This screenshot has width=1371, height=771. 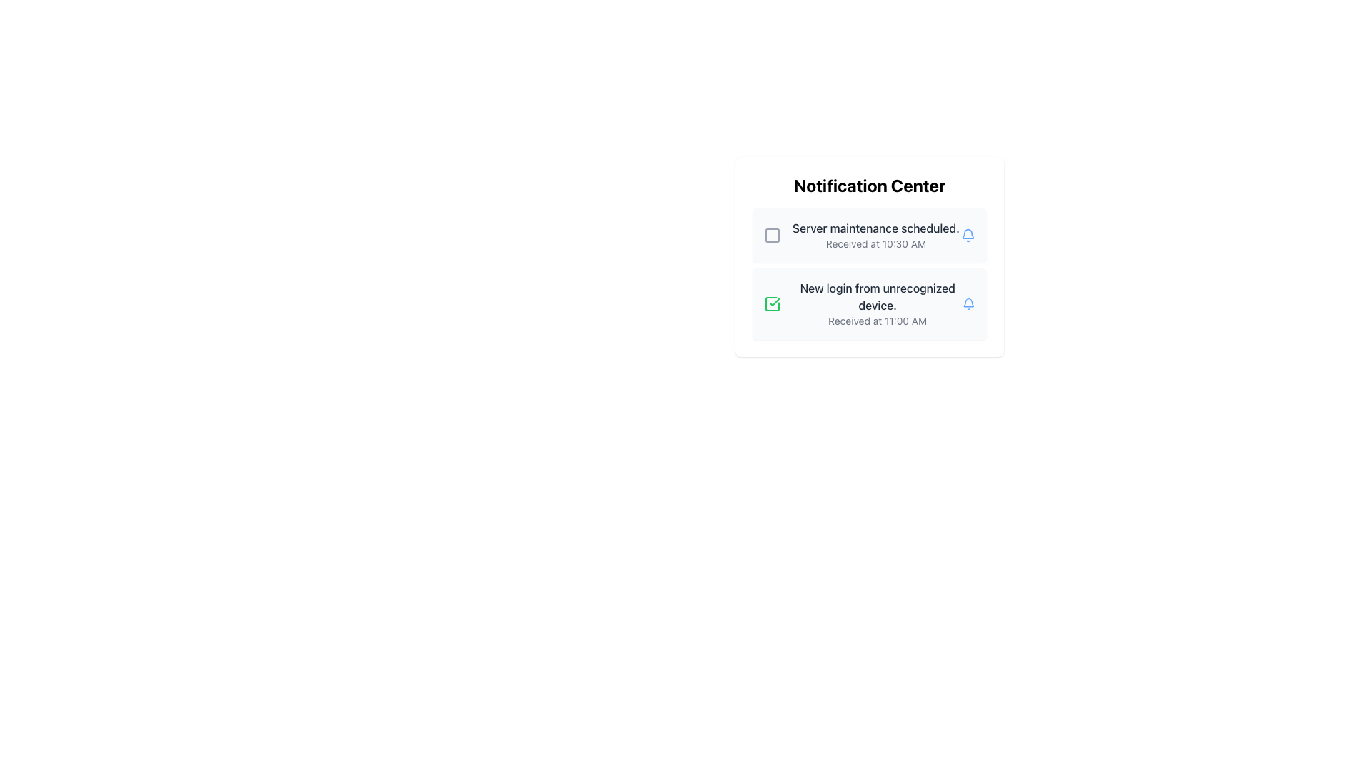 What do you see at coordinates (771, 303) in the screenshot?
I see `the green-bordered checkbox containing a centered checkmark` at bounding box center [771, 303].